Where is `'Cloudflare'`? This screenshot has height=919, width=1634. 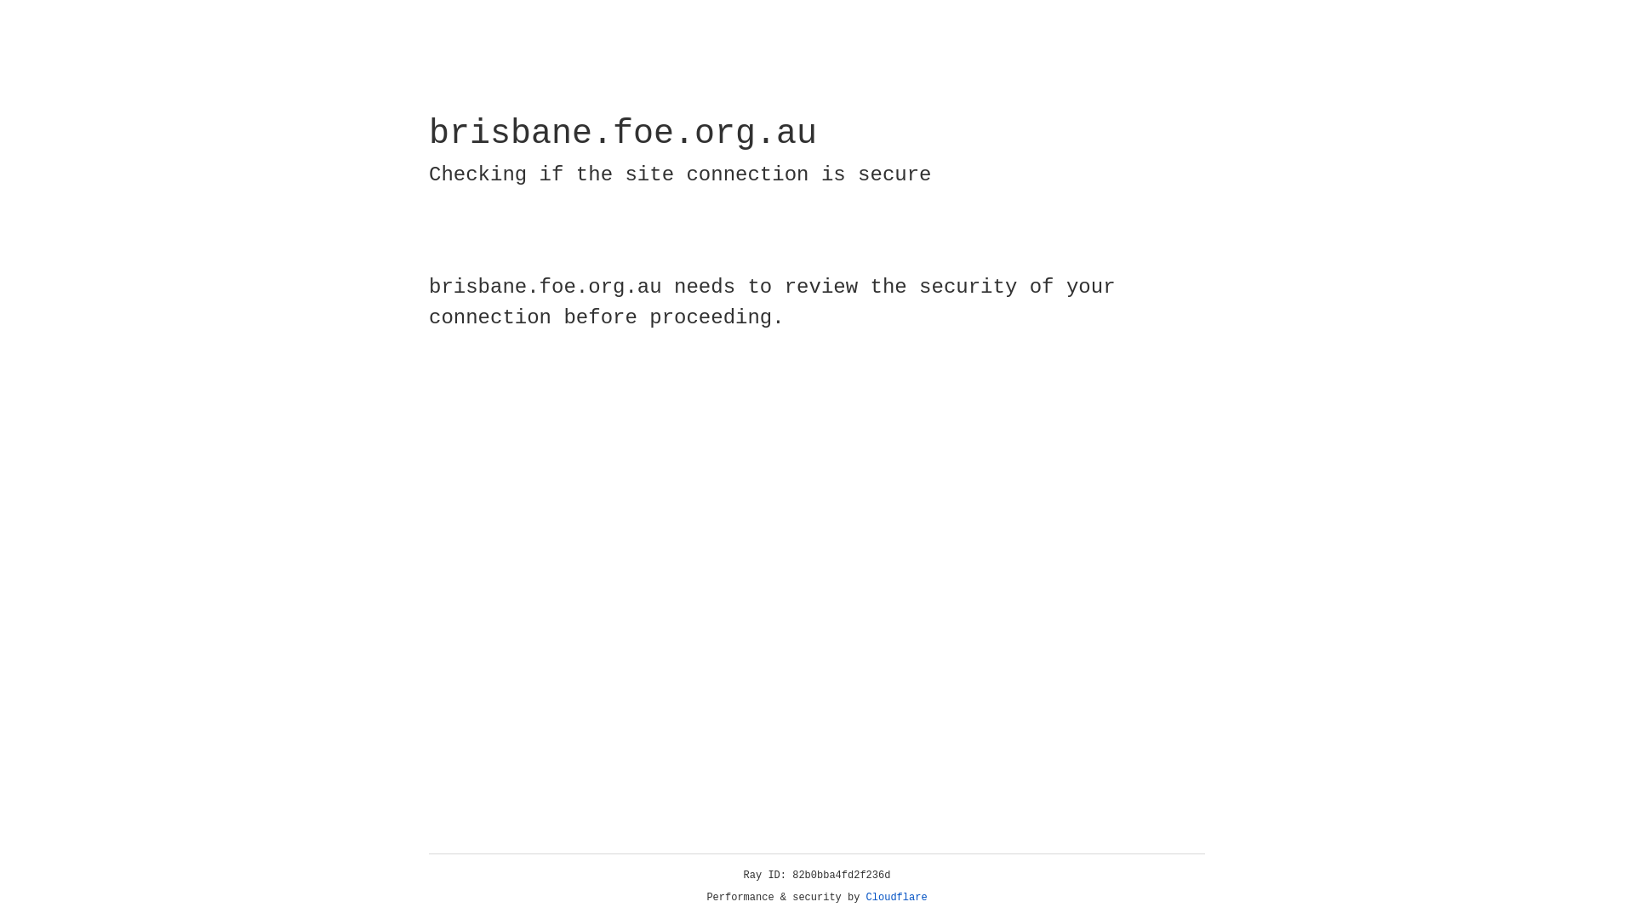
'Cloudflare' is located at coordinates (896, 897).